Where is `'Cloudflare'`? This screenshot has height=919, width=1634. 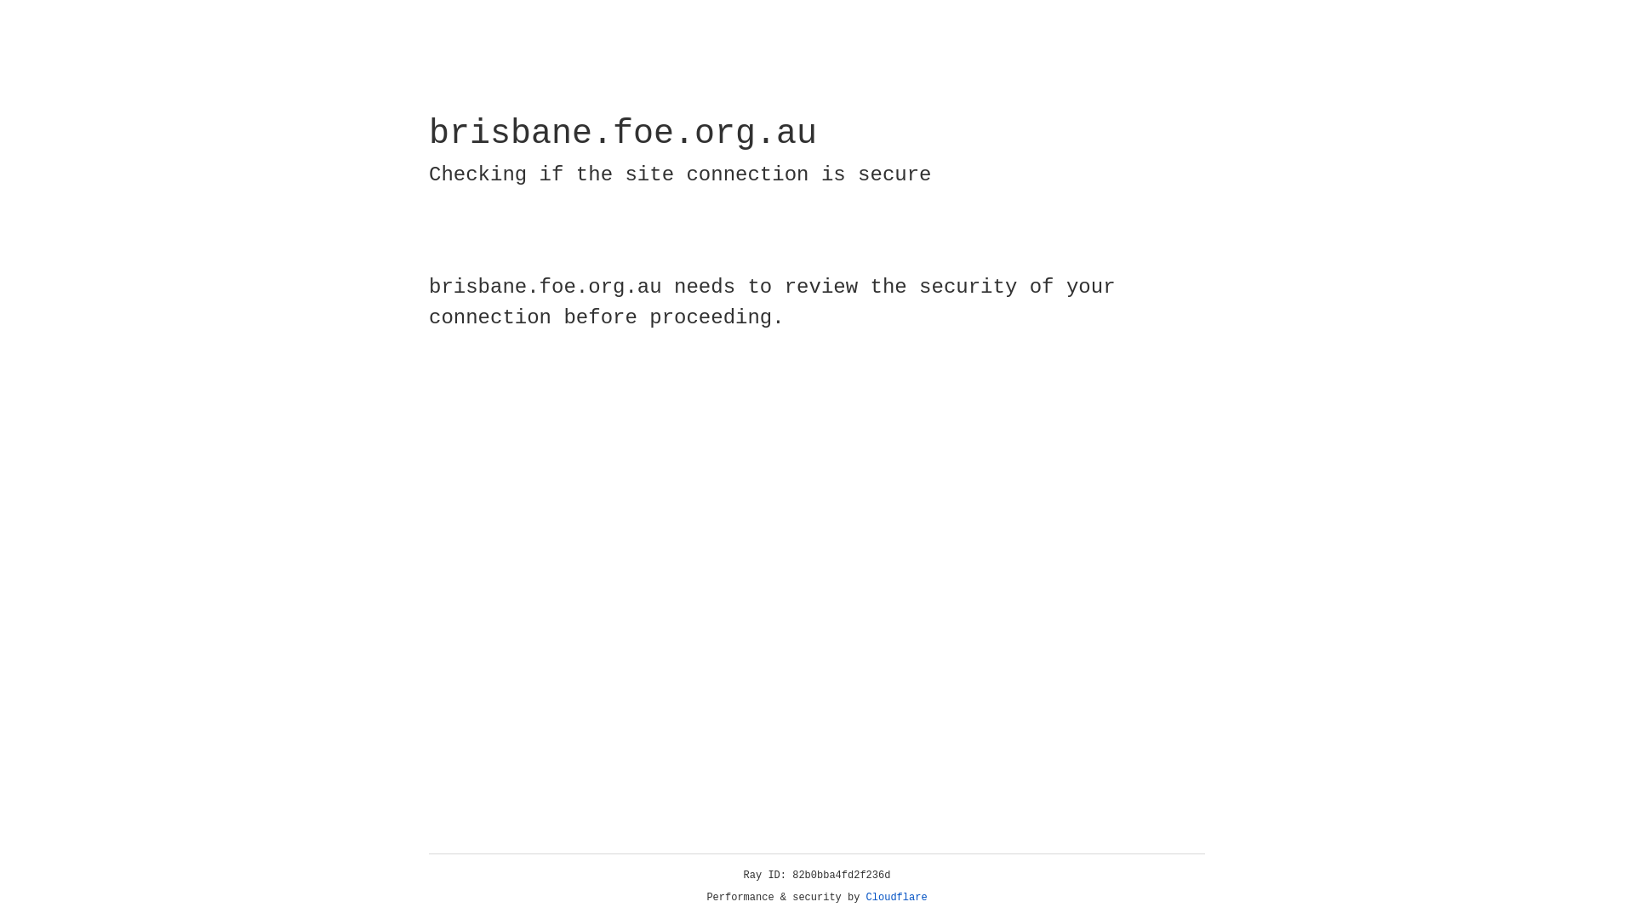
'Cloudflare' is located at coordinates (896, 897).